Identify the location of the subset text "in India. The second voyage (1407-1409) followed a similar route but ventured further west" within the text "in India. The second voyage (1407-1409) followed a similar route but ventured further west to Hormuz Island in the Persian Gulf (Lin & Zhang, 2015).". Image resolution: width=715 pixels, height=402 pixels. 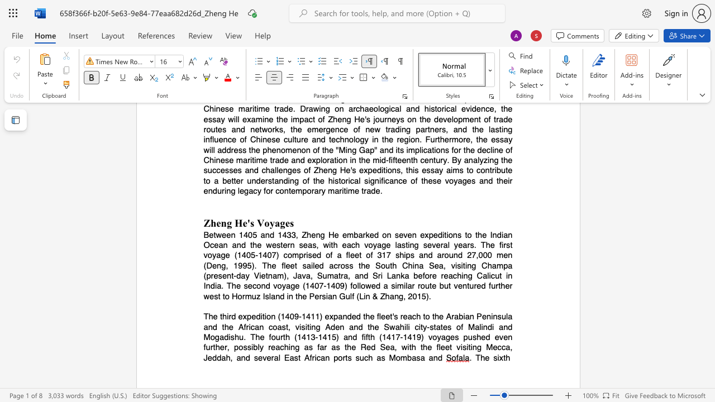
(506, 276).